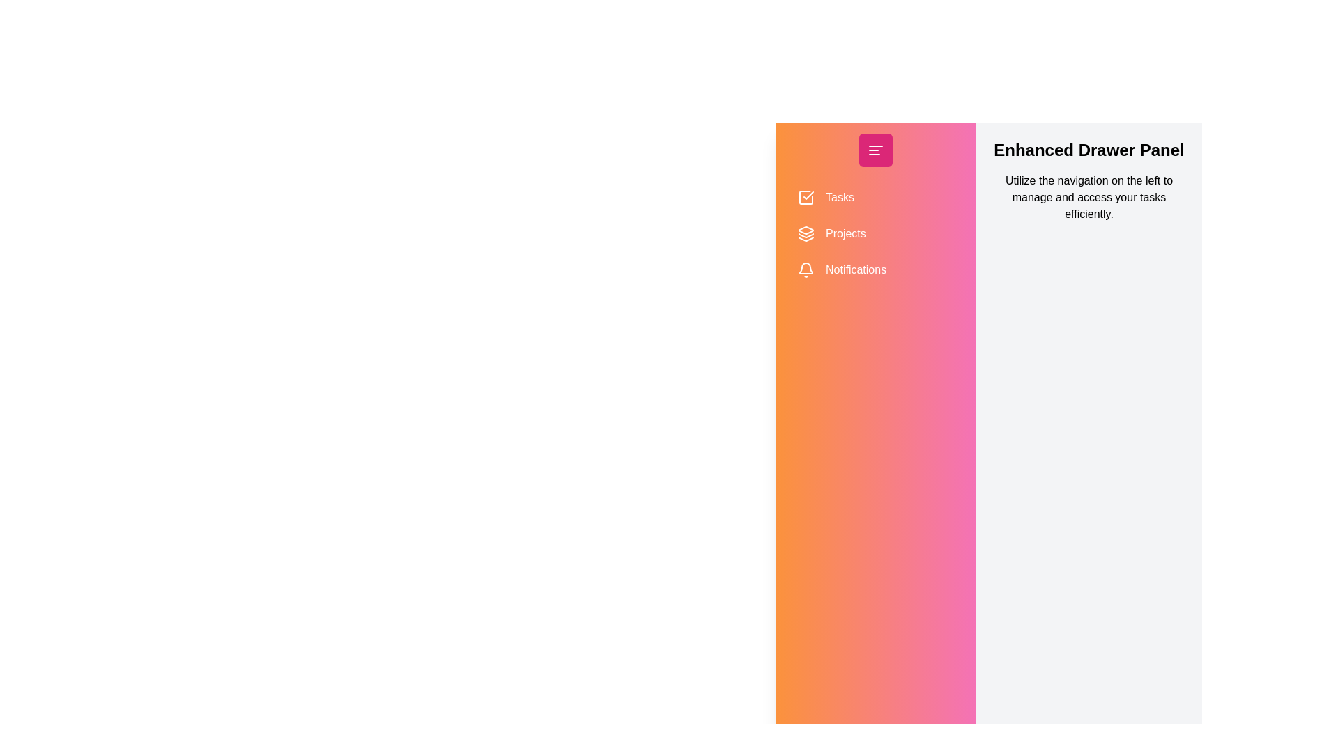 The height and width of the screenshot is (752, 1338). I want to click on the toggle button to change the drawer's state, so click(875, 150).